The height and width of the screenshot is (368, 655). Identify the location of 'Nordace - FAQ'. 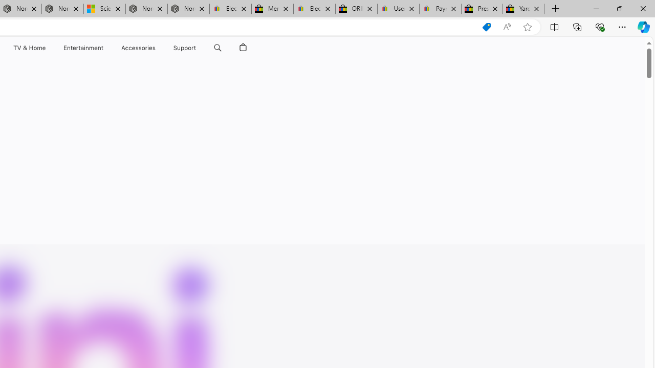
(188, 9).